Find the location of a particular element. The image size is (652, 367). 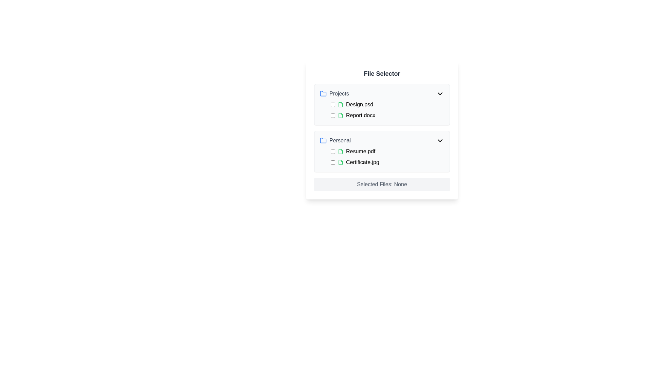

text of the 'Personal' folder label located beneath the 'Projects' section, to the right of the blue folder icon is located at coordinates (340, 140).